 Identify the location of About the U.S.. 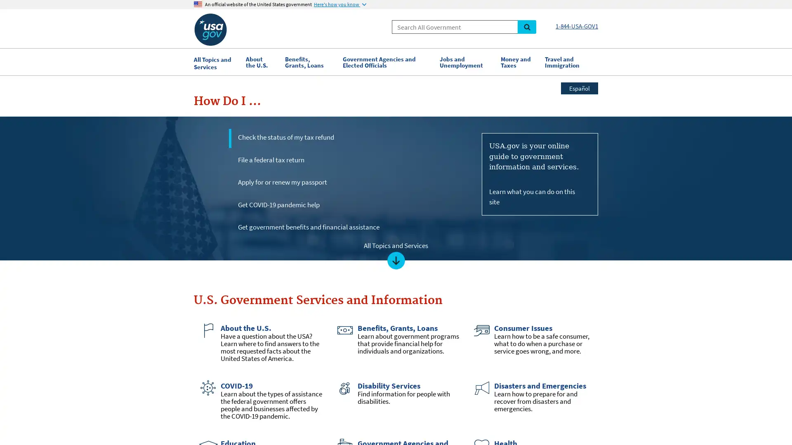
(261, 61).